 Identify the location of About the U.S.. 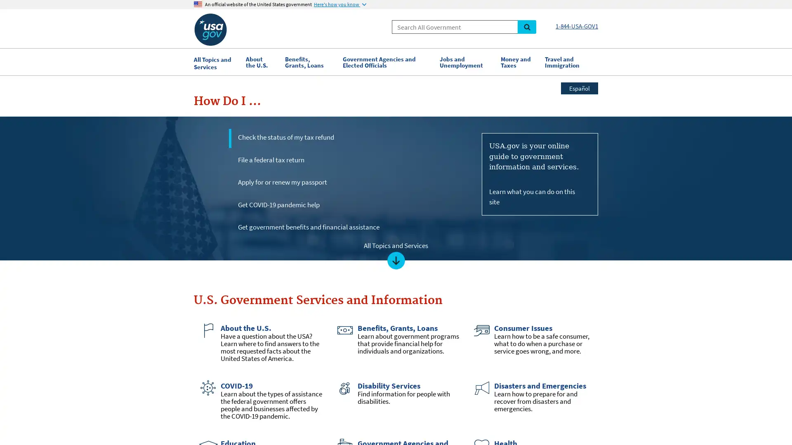
(261, 61).